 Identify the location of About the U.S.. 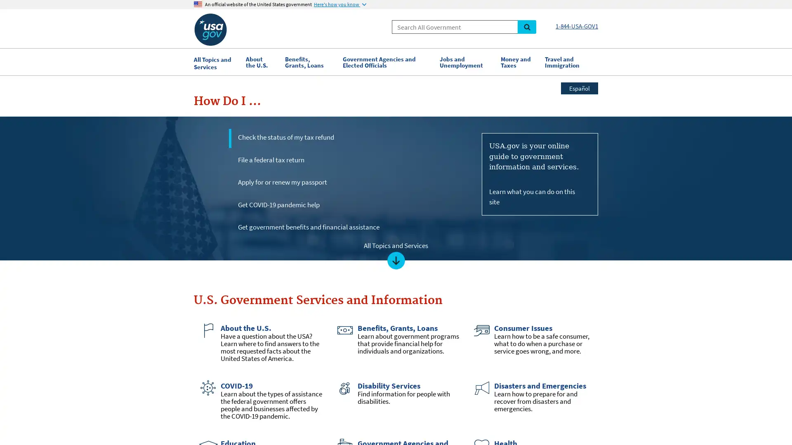
(261, 61).